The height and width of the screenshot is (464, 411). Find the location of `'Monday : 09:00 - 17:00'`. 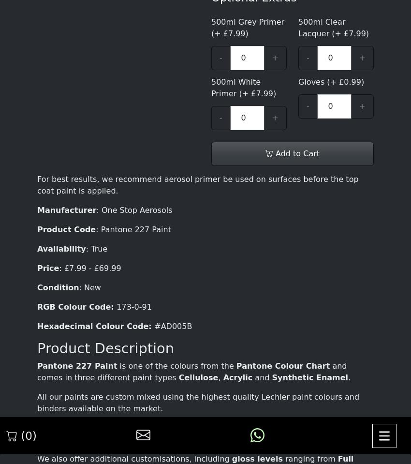

'Monday : 09:00 - 17:00' is located at coordinates (118, 222).